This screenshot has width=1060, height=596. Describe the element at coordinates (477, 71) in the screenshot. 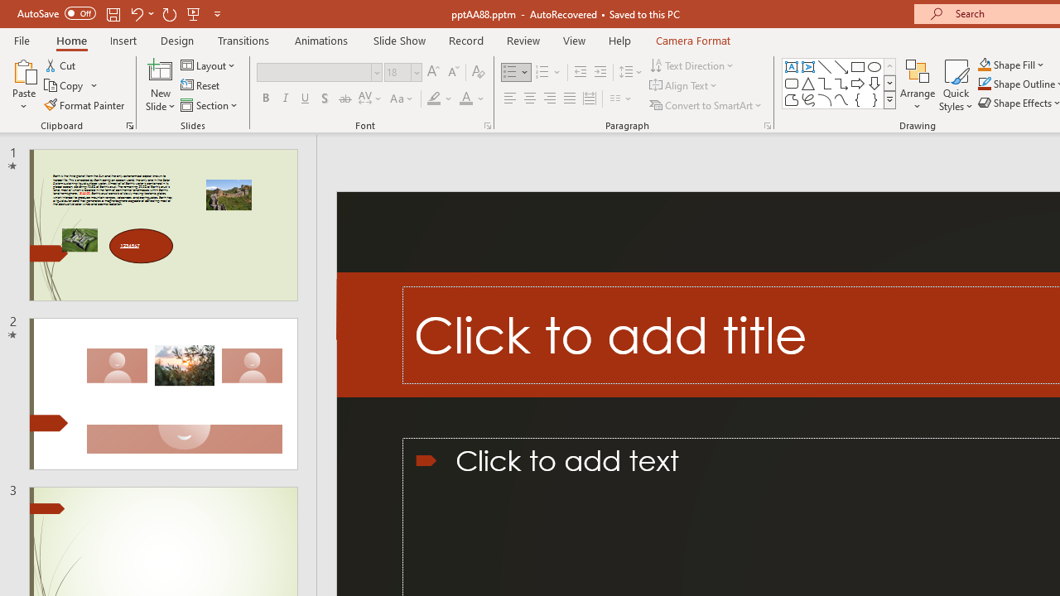

I see `'Clear Formatting'` at that location.